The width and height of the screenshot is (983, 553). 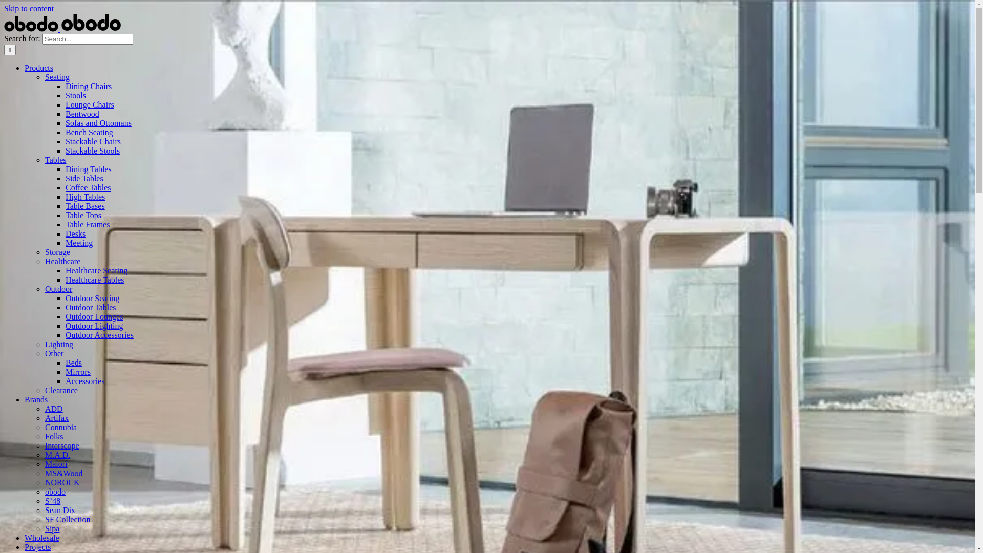 What do you see at coordinates (56, 76) in the screenshot?
I see `'Seating'` at bounding box center [56, 76].